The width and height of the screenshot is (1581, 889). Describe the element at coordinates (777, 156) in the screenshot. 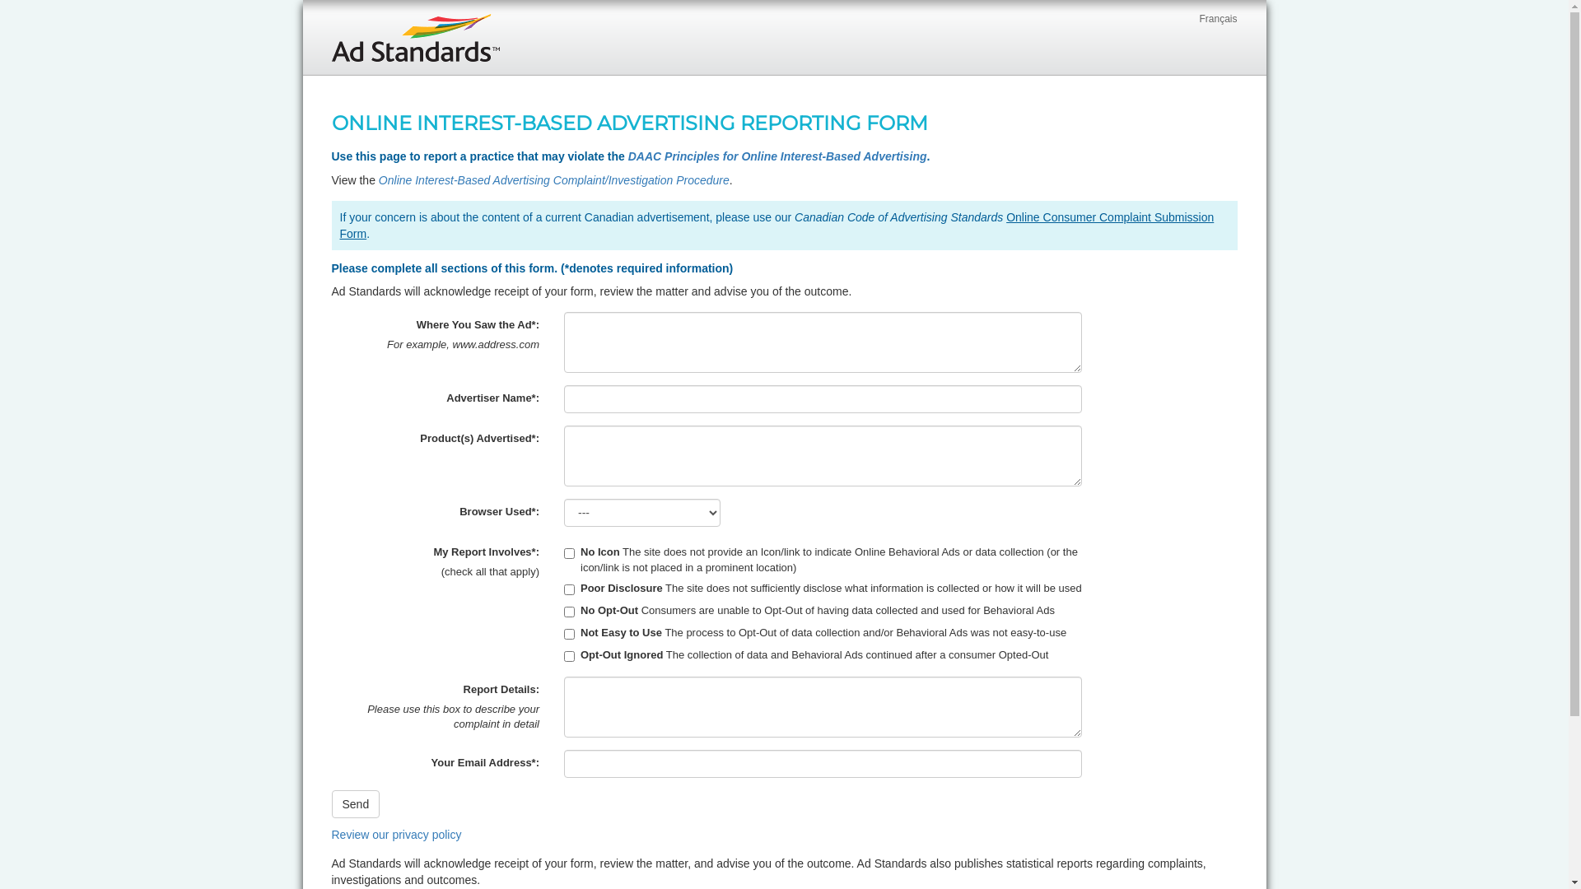

I see `'DAAC Principles for Online Interest-Based Advertising'` at that location.